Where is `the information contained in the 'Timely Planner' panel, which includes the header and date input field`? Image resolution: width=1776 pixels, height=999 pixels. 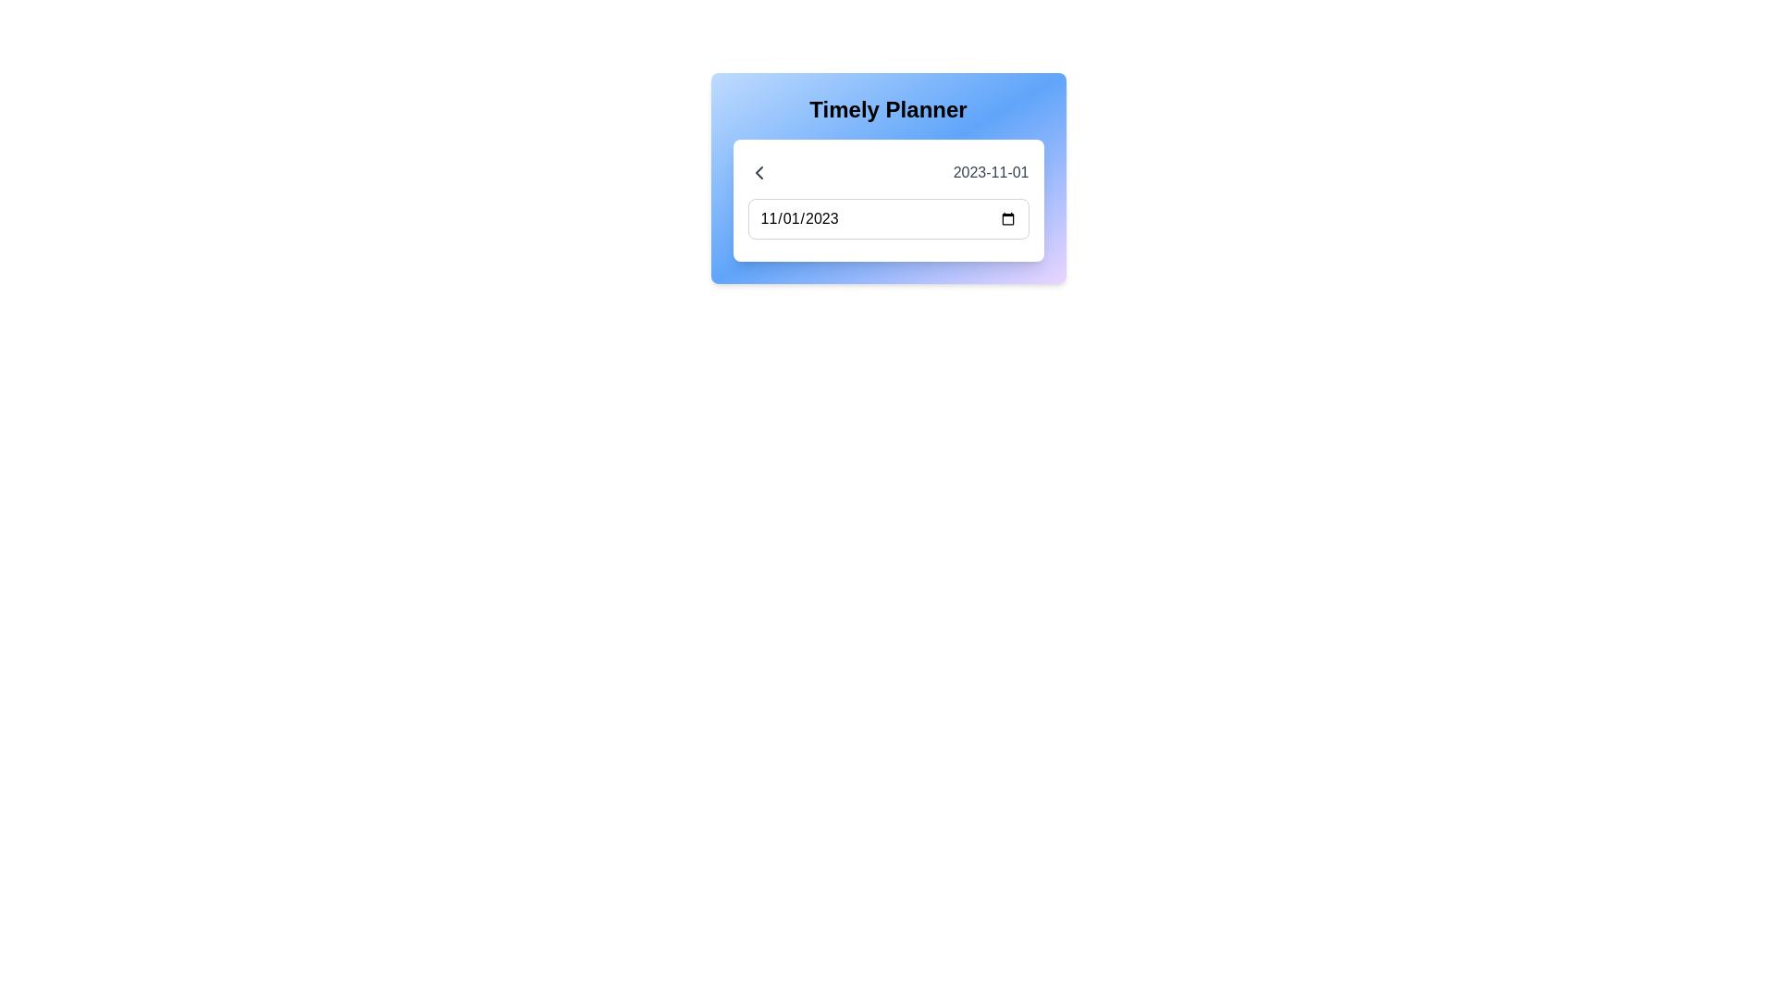 the information contained in the 'Timely Planner' panel, which includes the header and date input field is located at coordinates (888, 178).